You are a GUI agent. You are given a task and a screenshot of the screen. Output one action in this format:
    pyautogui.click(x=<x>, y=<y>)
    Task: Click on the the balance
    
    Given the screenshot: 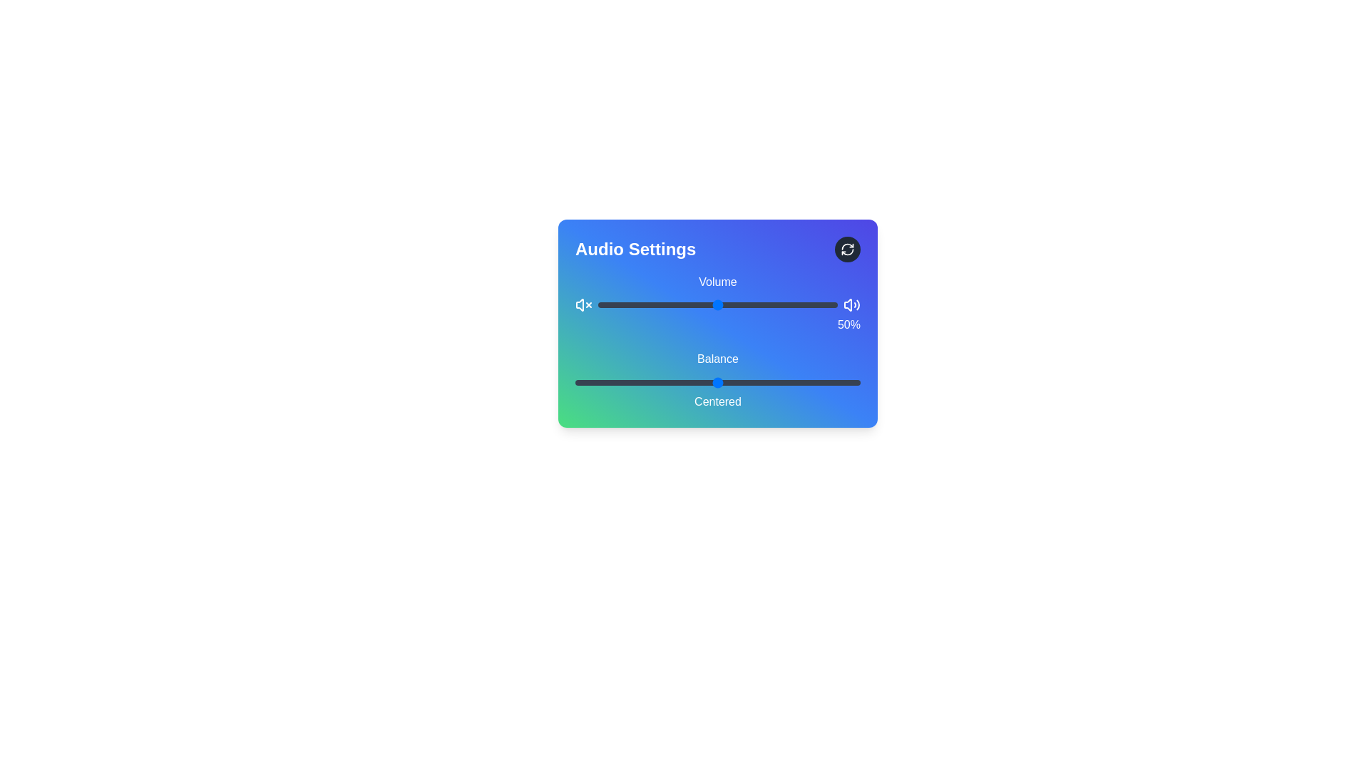 What is the action you would take?
    pyautogui.click(x=779, y=381)
    